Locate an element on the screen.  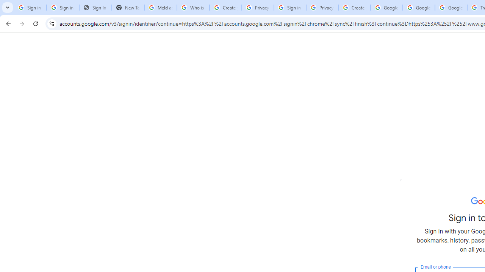
'Create your Google Account' is located at coordinates (354, 8).